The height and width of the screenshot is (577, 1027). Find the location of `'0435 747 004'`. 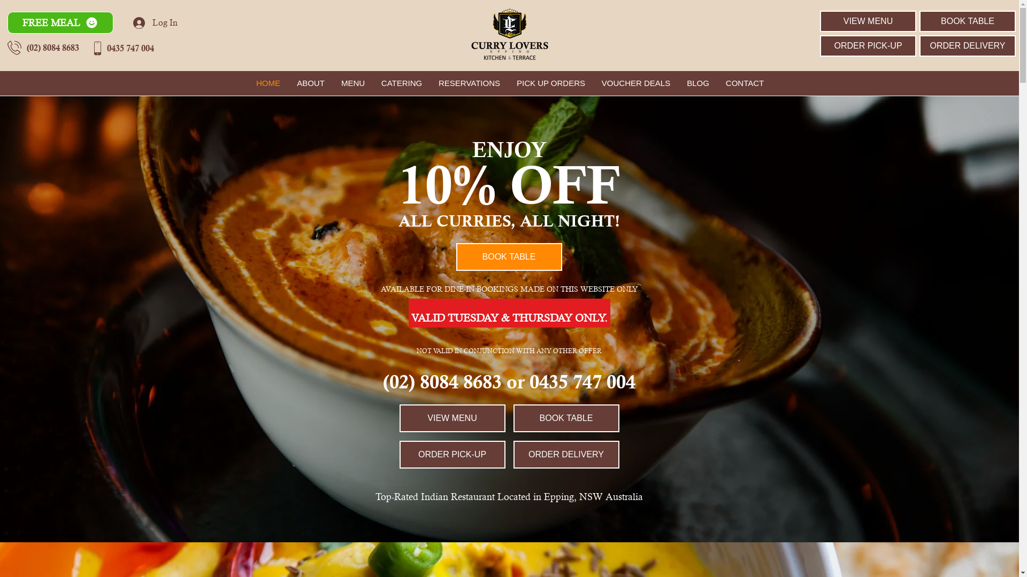

'0435 747 004' is located at coordinates (130, 47).